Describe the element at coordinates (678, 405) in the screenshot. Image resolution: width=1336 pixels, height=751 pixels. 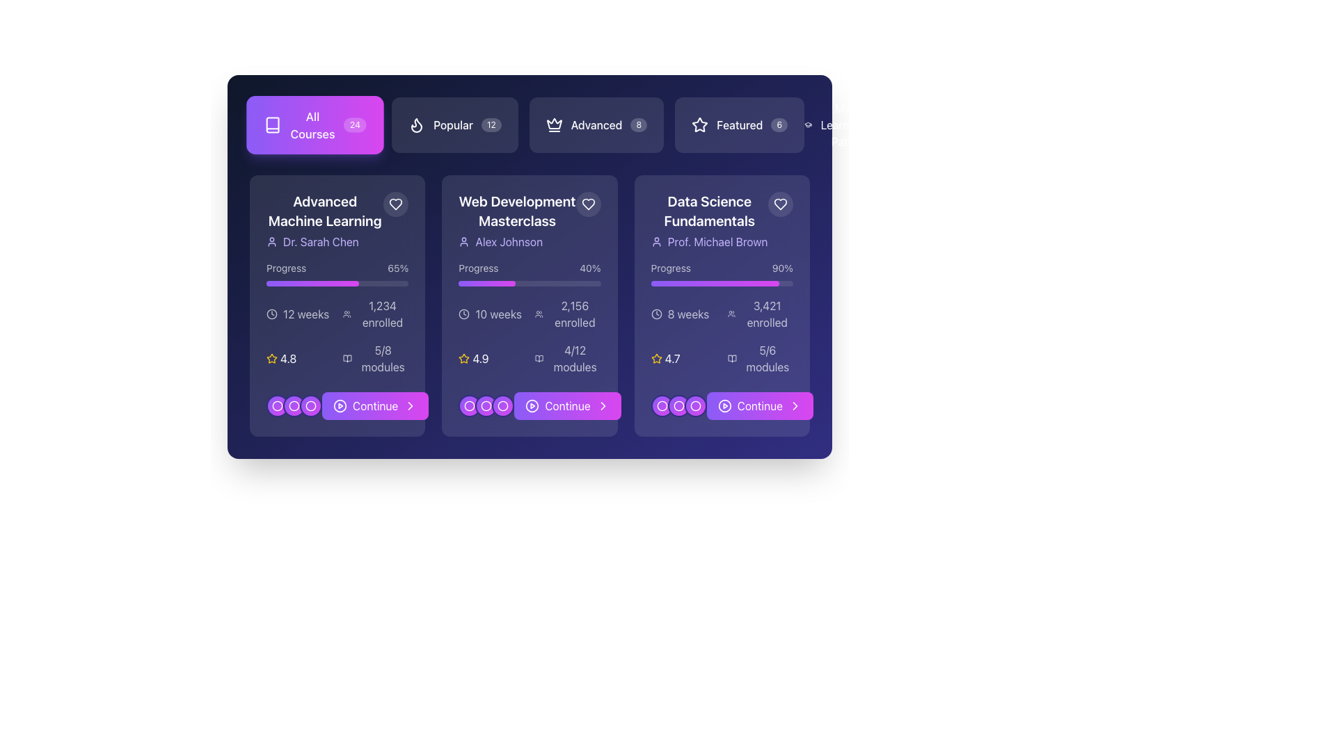
I see `the second circular gradient indicator component, which has a violet to fuchsia gradient and an indigo border` at that location.